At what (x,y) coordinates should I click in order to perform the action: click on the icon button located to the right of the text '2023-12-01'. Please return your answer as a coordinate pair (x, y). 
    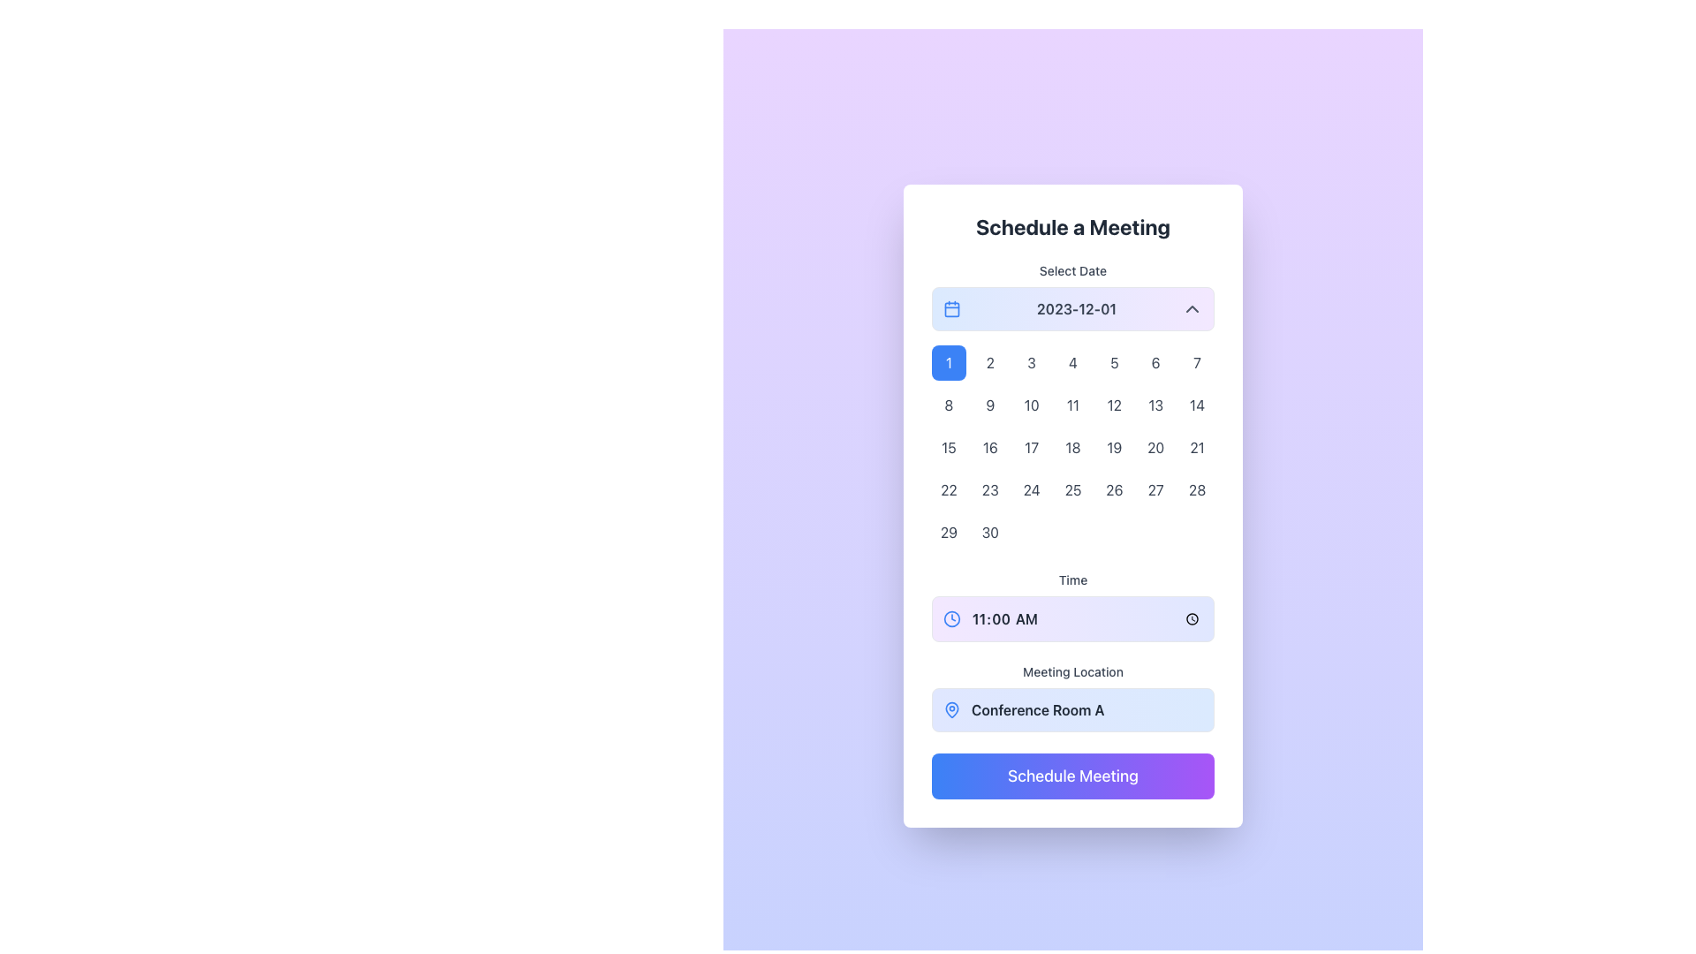
    Looking at the image, I should click on (1192, 308).